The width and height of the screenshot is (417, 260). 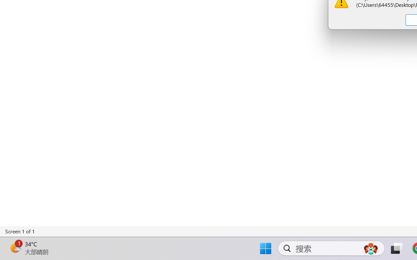 I want to click on 'AutomationID: DynamicSearchBoxGleamImage', so click(x=371, y=248).